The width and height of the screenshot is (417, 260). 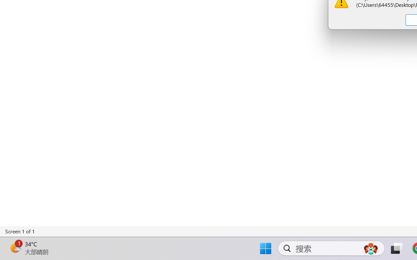 I want to click on 'AutomationID: DynamicSearchBoxGleamImage', so click(x=371, y=248).